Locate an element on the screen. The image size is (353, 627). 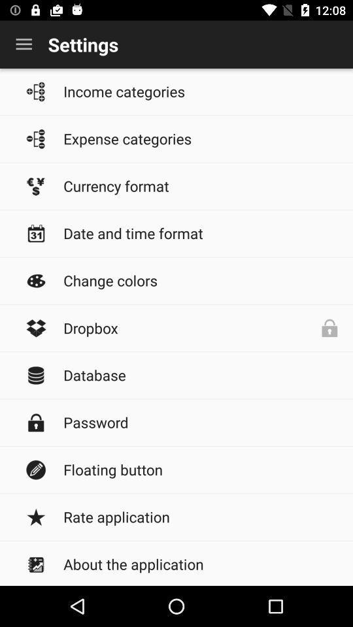
database icon is located at coordinates (201, 375).